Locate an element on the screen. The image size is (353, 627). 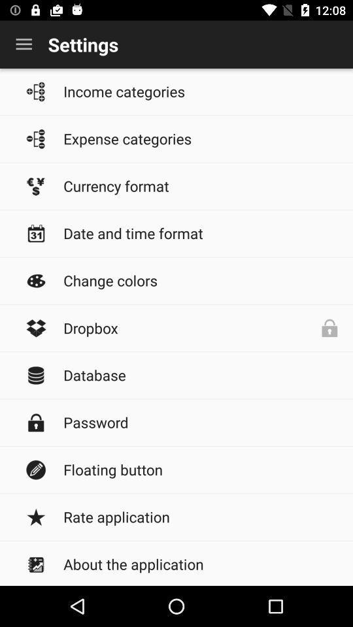
database icon is located at coordinates (201, 375).